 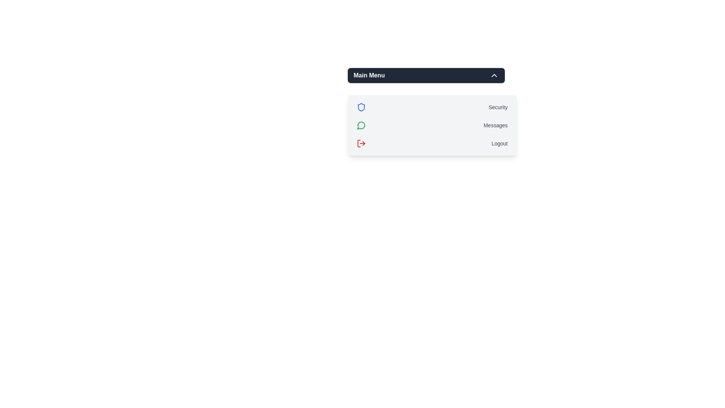 I want to click on the 'Messages' icon in the menu, which is positioned between the 'Security' section above and the 'Logout' section below, so click(x=361, y=125).